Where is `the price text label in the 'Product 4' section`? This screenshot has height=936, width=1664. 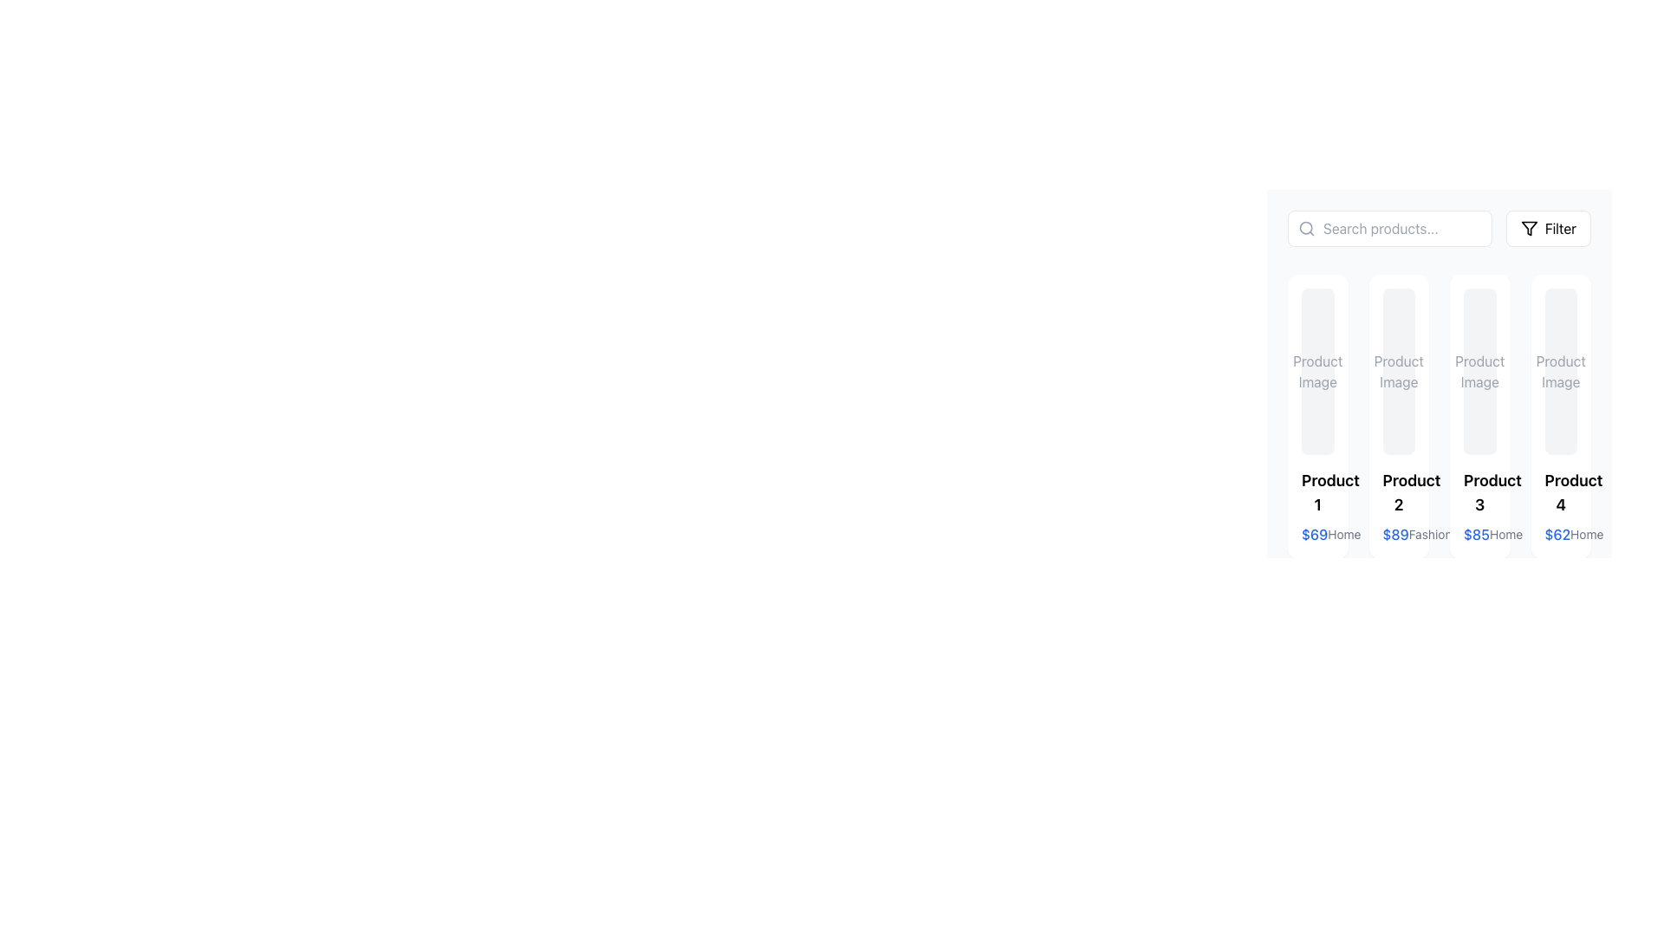 the price text label in the 'Product 4' section is located at coordinates (1557, 534).